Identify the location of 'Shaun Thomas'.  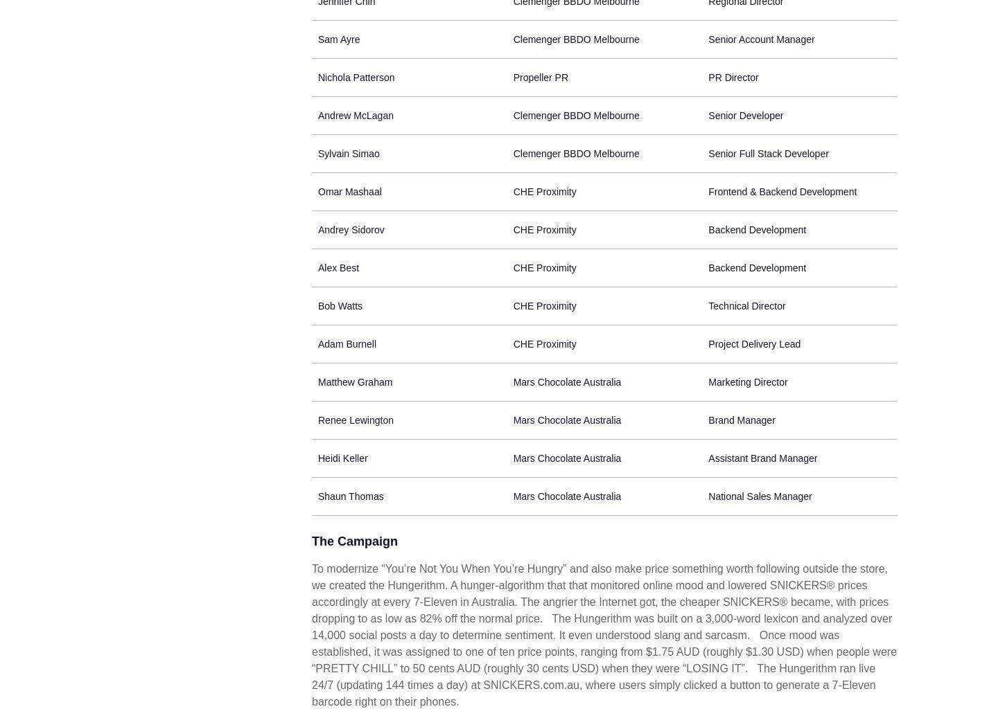
(351, 496).